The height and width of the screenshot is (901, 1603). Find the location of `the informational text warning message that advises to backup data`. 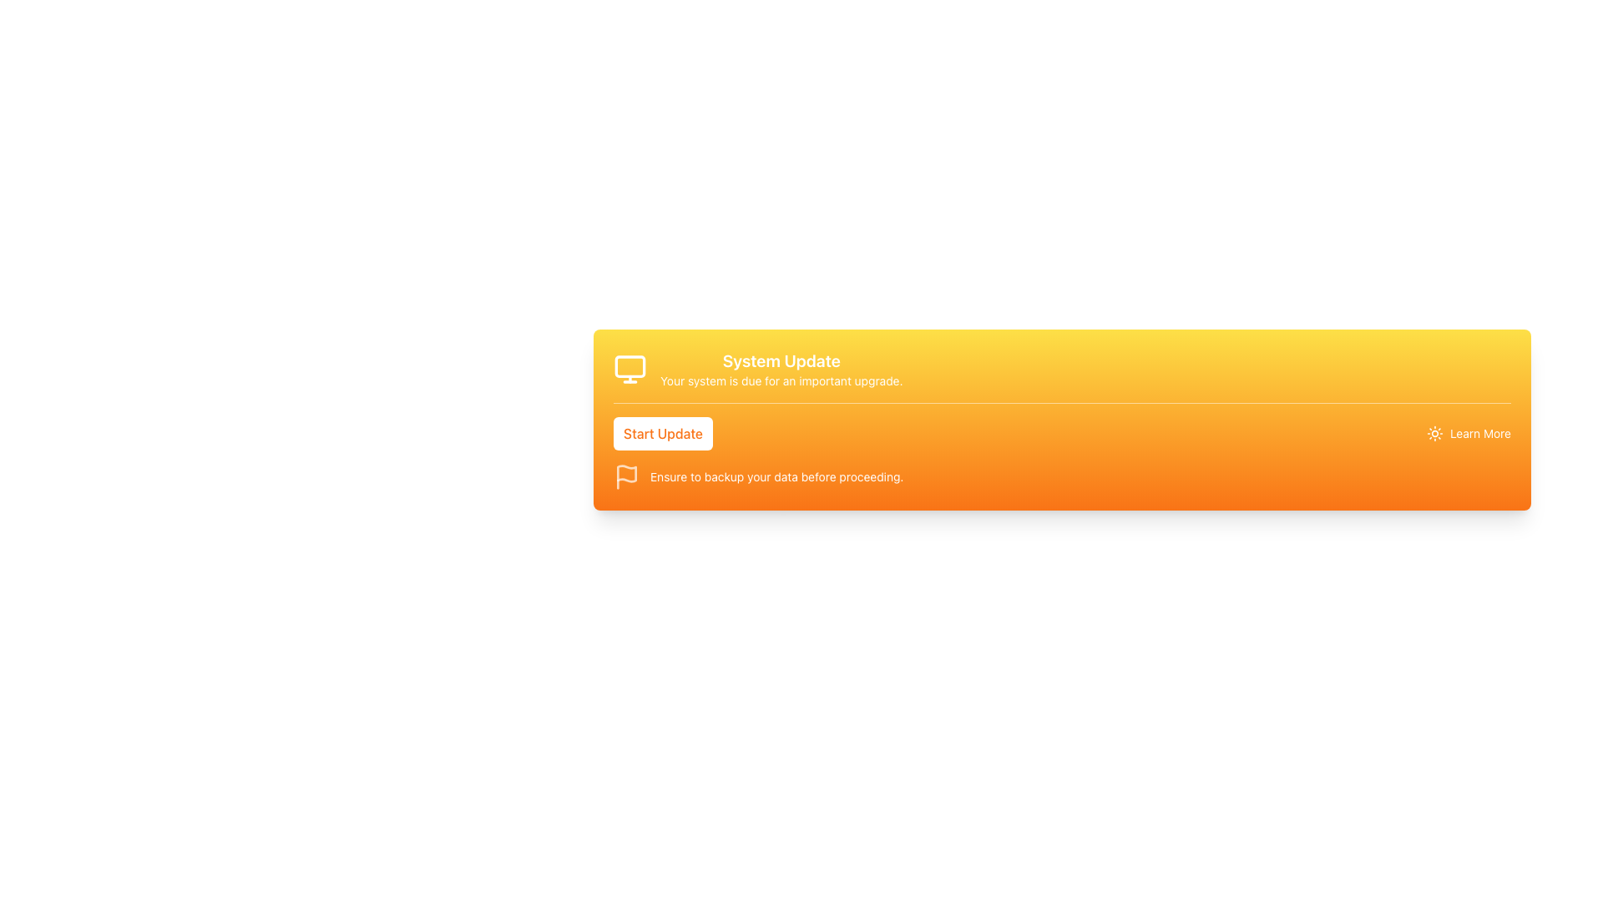

the informational text warning message that advises to backup data is located at coordinates (757, 476).